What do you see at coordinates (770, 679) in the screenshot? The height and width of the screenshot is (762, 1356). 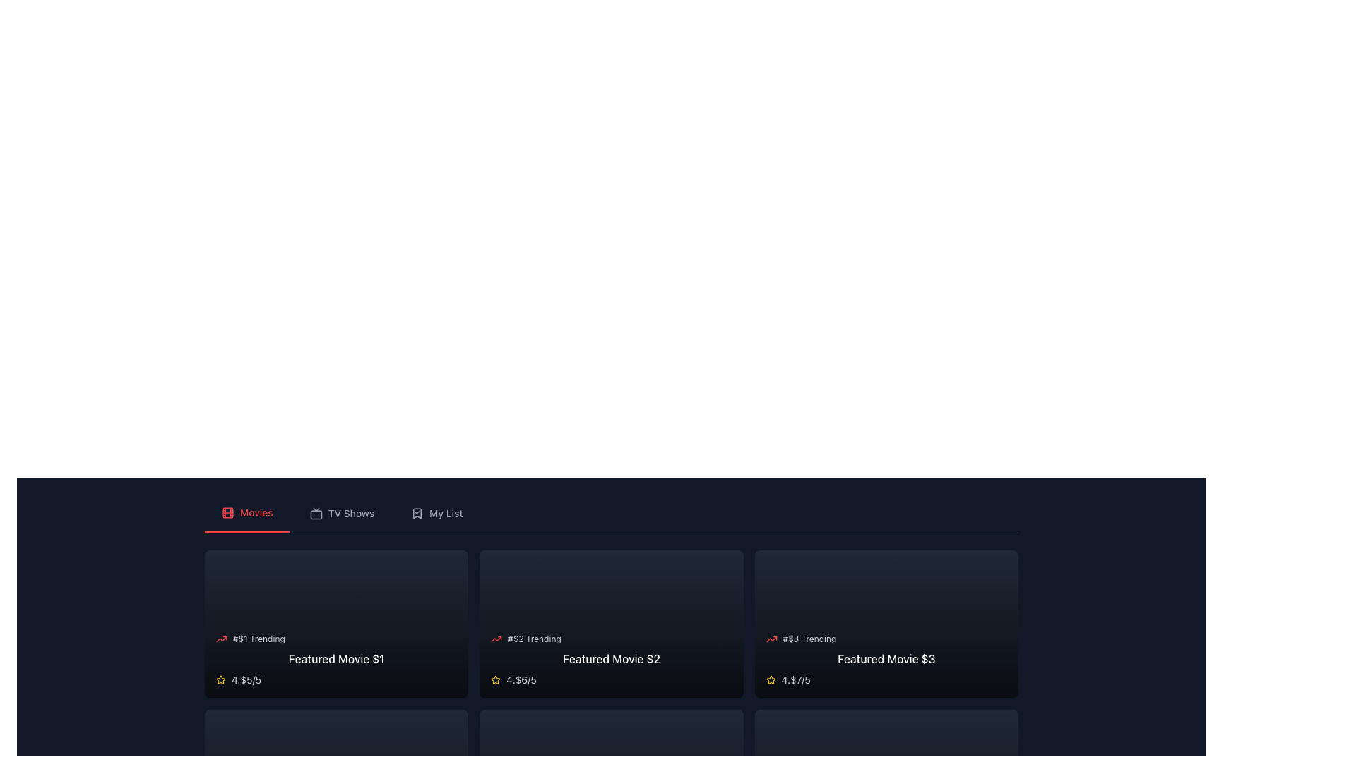 I see `the star-shaped rating indicator icon with a yellow outline, which represents a score of '4.7/5' in the UI` at bounding box center [770, 679].